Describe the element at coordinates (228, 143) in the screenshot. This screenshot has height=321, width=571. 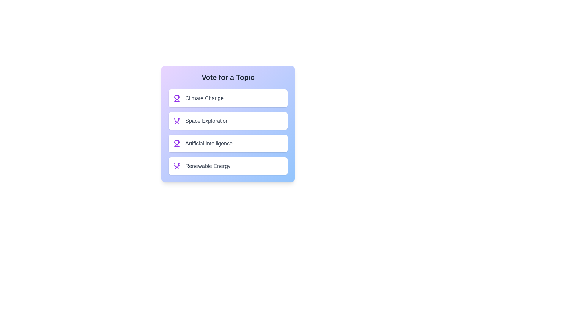
I see `the 'Artificial Intelligence' selectable card, which is the third item in a vertically-stacked list of four cards` at that location.